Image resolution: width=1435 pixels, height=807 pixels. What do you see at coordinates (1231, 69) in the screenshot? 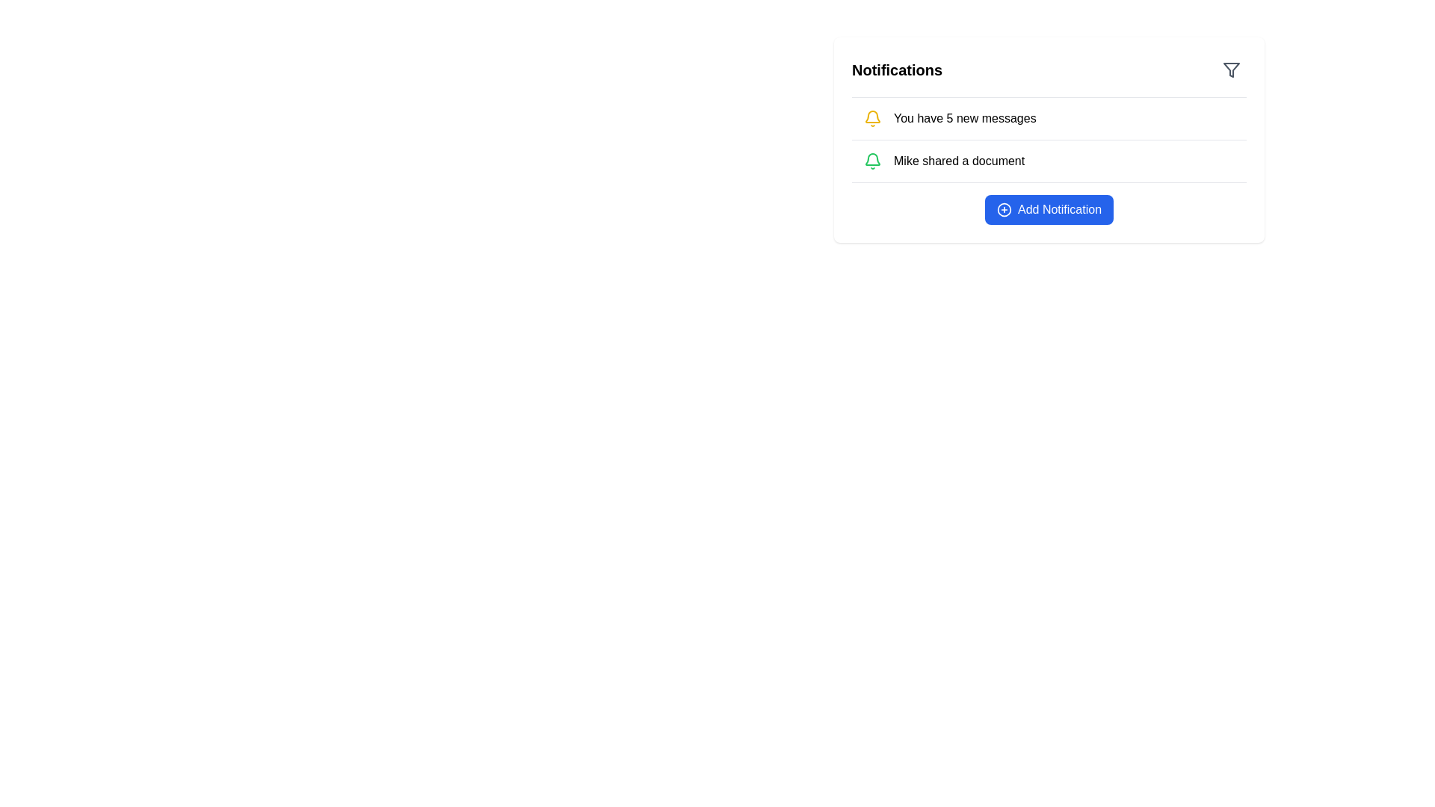
I see `the filter icon button located at the upper-right corner of the 'Notifications' section` at bounding box center [1231, 69].